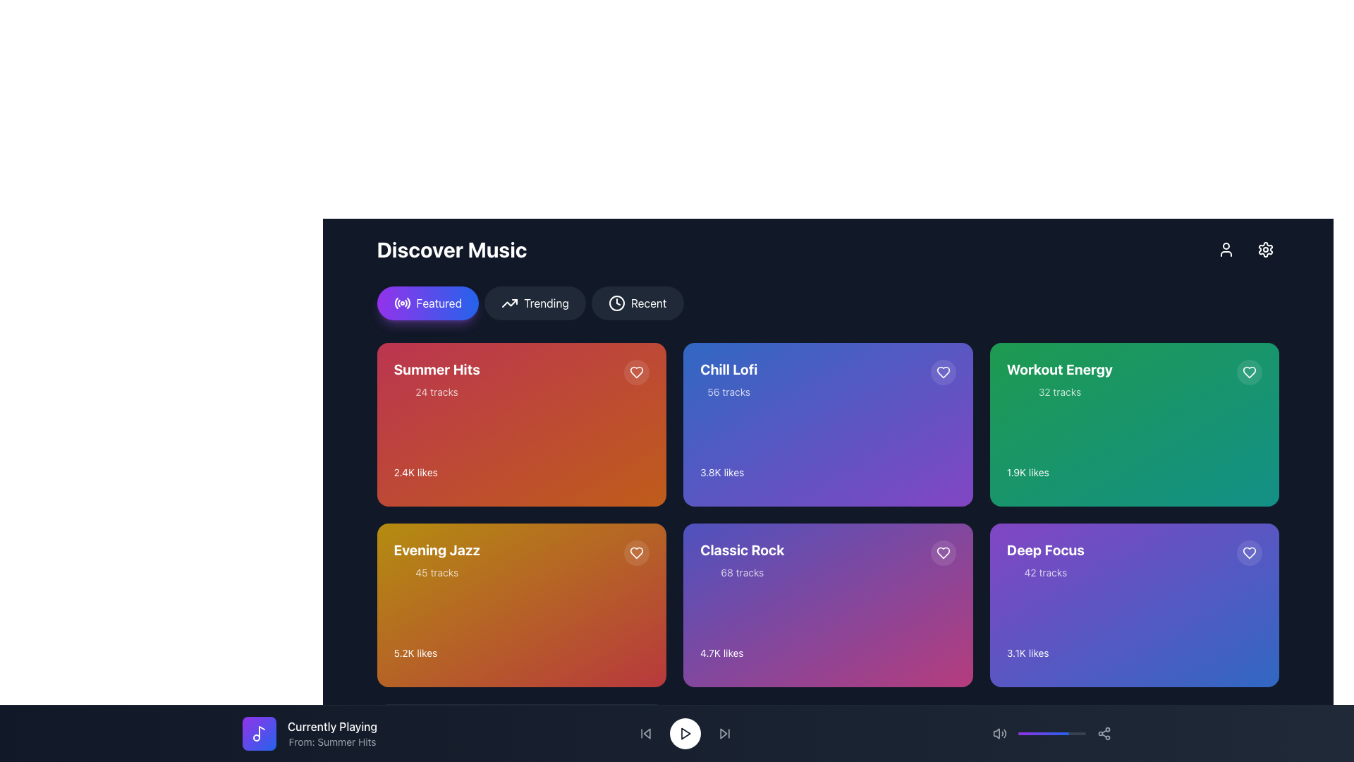  What do you see at coordinates (331, 726) in the screenshot?
I see `the 'Currently Playing' text label, which is displayed in white on a dark background and located above the 'From: Summer Hits' text` at bounding box center [331, 726].